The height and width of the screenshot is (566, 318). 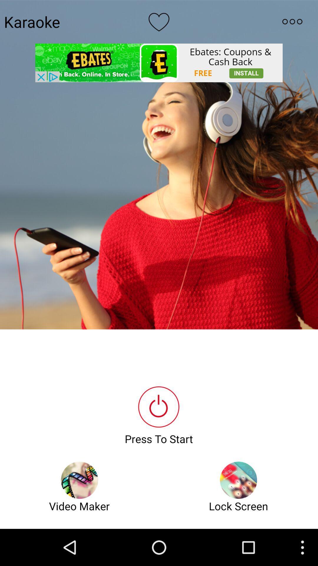 What do you see at coordinates (292, 22) in the screenshot?
I see `open this option` at bounding box center [292, 22].